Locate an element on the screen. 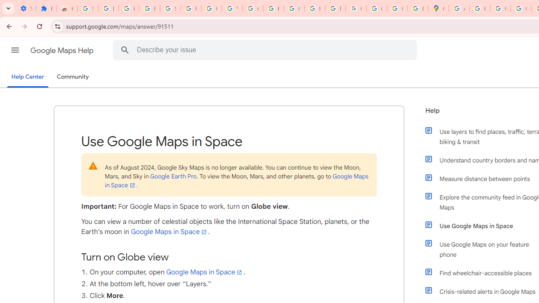 The width and height of the screenshot is (539, 303). 'Google Maps' is located at coordinates (438, 8).